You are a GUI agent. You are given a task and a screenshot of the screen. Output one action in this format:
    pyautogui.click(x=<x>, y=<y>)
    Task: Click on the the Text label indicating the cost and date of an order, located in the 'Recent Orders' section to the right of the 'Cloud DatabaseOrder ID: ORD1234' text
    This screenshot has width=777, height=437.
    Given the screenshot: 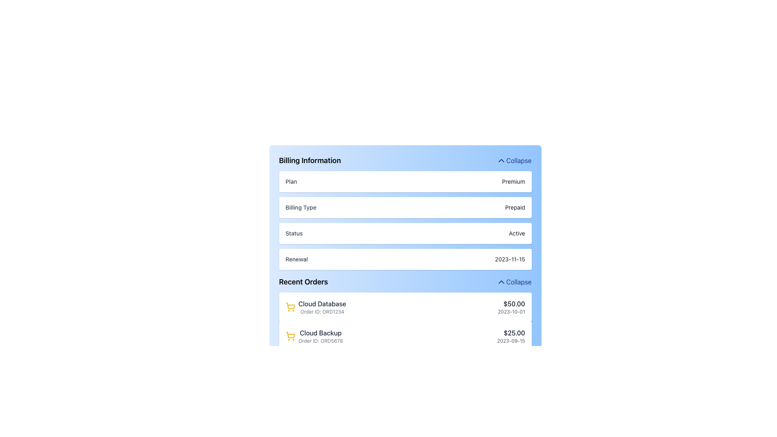 What is the action you would take?
    pyautogui.click(x=511, y=307)
    